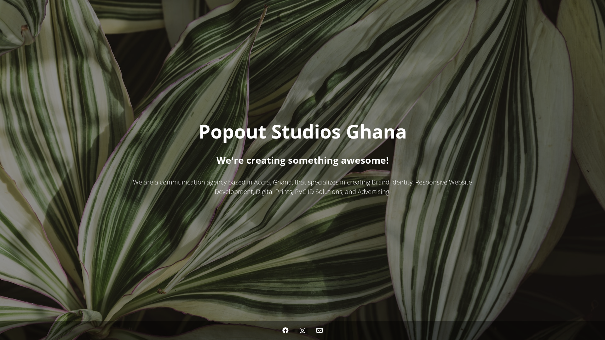  I want to click on 'Popout Studios Ghana', so click(302, 134).